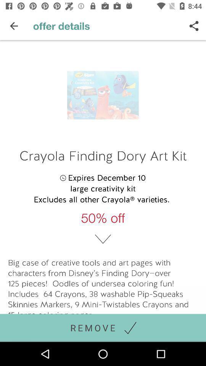 This screenshot has width=206, height=366. Describe the element at coordinates (14, 26) in the screenshot. I see `icon to the left of offer details item` at that location.